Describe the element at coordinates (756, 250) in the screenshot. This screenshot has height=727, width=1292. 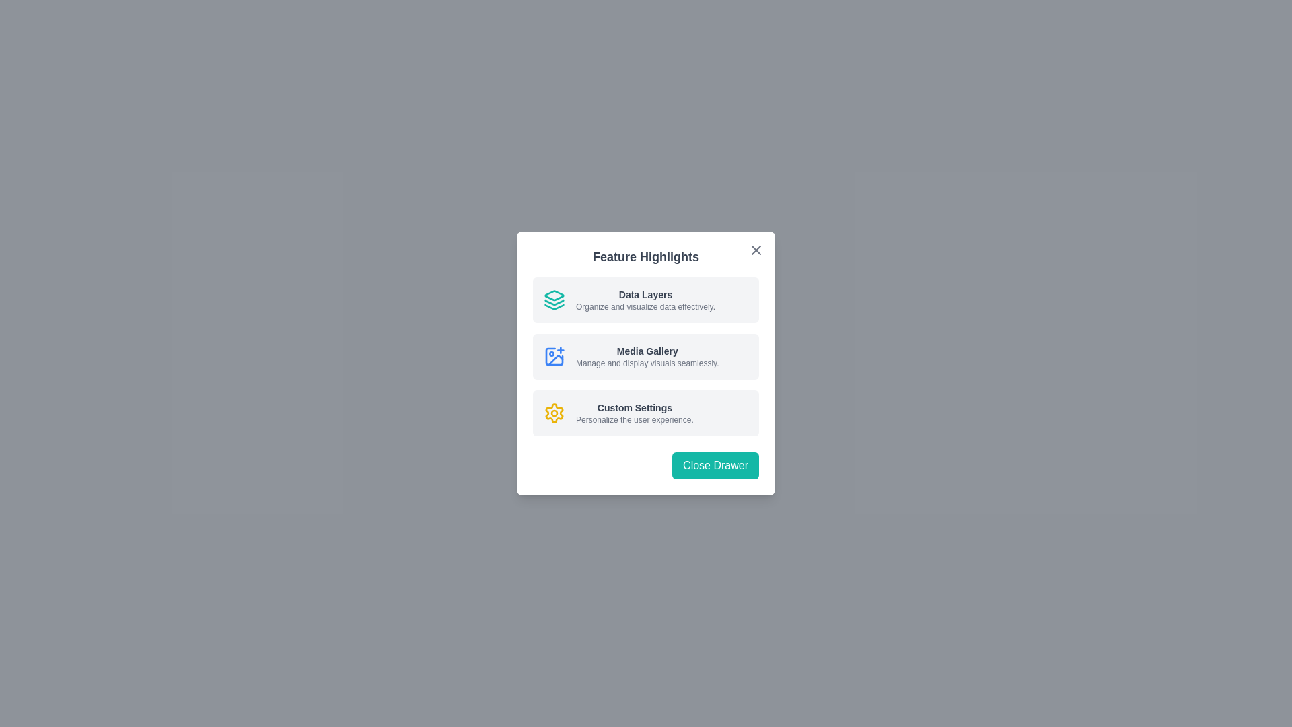
I see `the close icon button located in the top-right corner of the 'Feature Highlights' modal` at that location.